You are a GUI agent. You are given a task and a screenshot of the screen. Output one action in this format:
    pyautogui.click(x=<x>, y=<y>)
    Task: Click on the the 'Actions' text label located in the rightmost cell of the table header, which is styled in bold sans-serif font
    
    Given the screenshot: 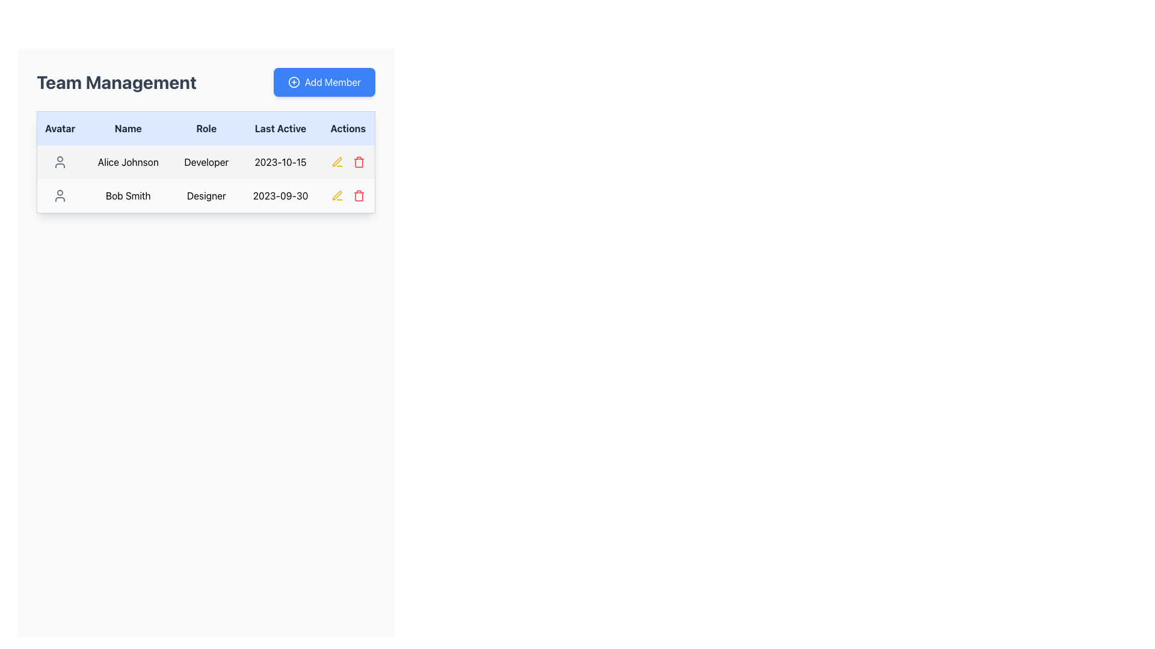 What is the action you would take?
    pyautogui.click(x=348, y=128)
    